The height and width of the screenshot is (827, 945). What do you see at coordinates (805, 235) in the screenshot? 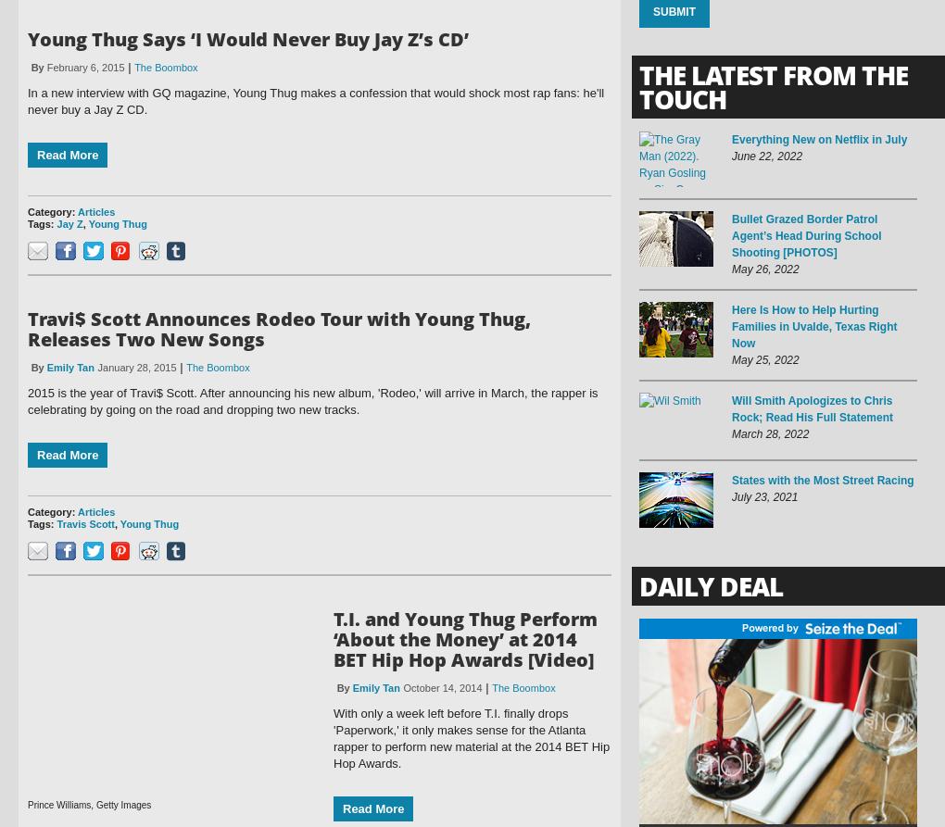
I see `'Bullet Grazed Border Patrol Agent’s Head During School Shooting [PHOTOS]'` at bounding box center [805, 235].